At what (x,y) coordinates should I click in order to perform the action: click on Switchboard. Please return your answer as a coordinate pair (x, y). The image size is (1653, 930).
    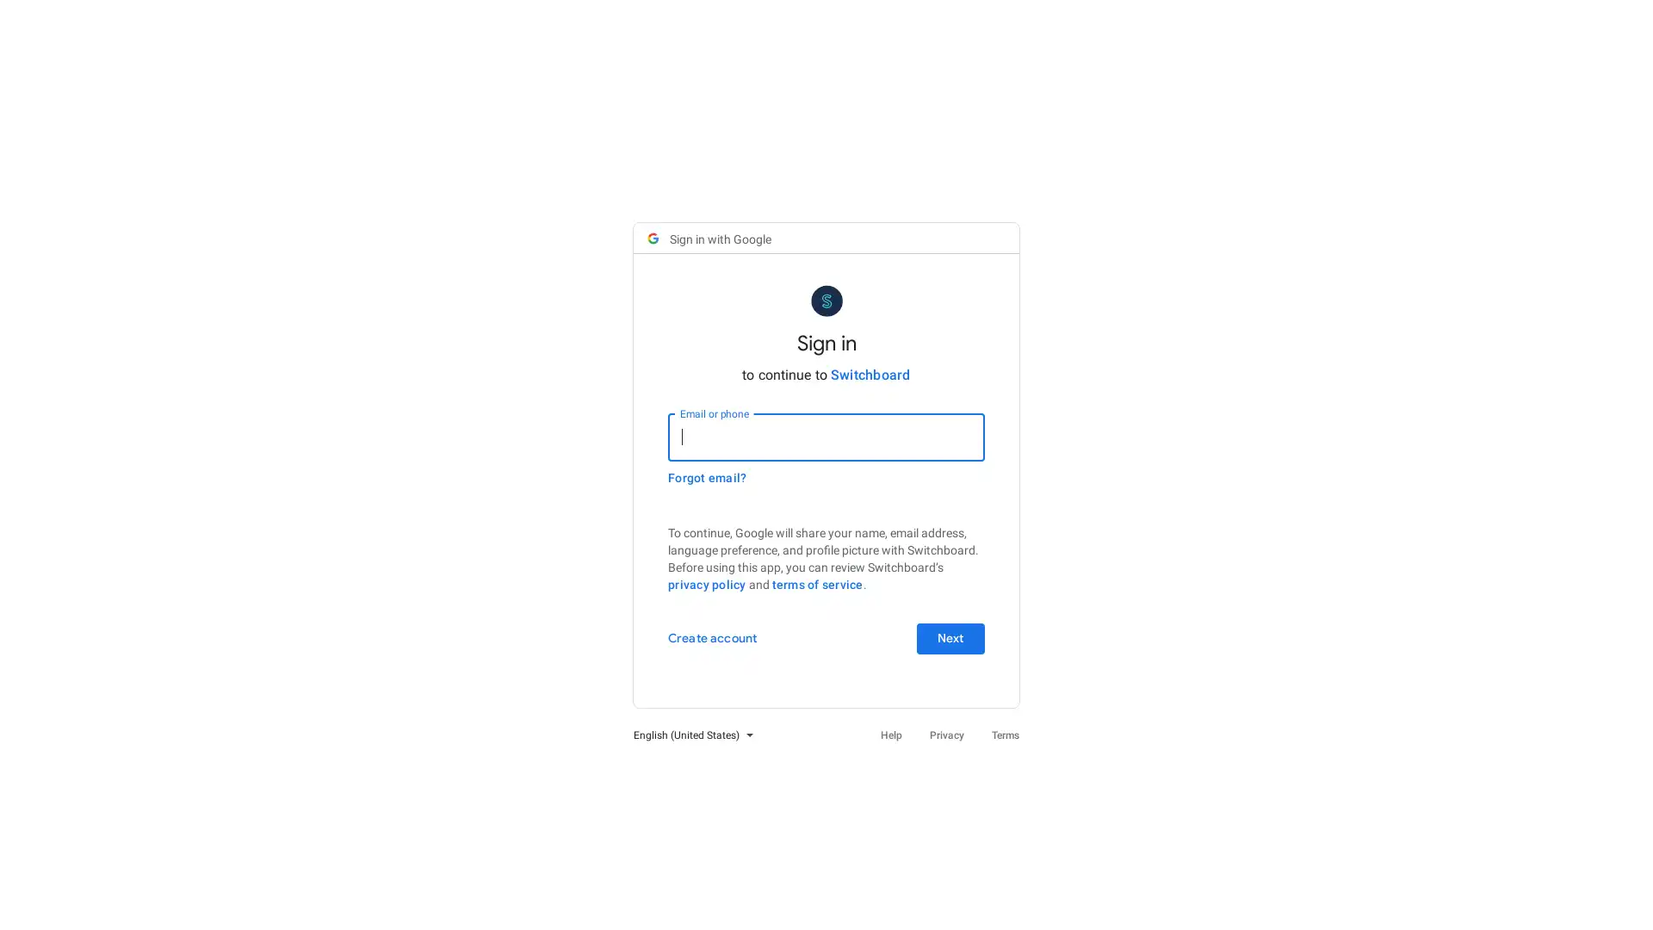
    Looking at the image, I should click on (870, 373).